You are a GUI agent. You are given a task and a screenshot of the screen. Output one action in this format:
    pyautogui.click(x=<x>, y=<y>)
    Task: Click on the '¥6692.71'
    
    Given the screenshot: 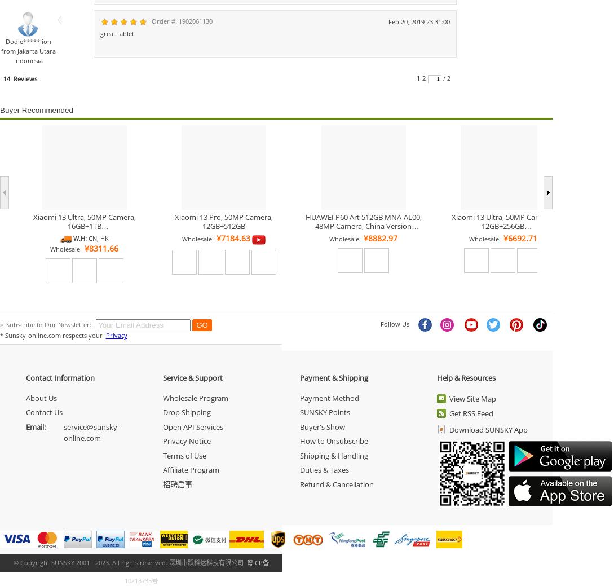 What is the action you would take?
    pyautogui.click(x=502, y=237)
    